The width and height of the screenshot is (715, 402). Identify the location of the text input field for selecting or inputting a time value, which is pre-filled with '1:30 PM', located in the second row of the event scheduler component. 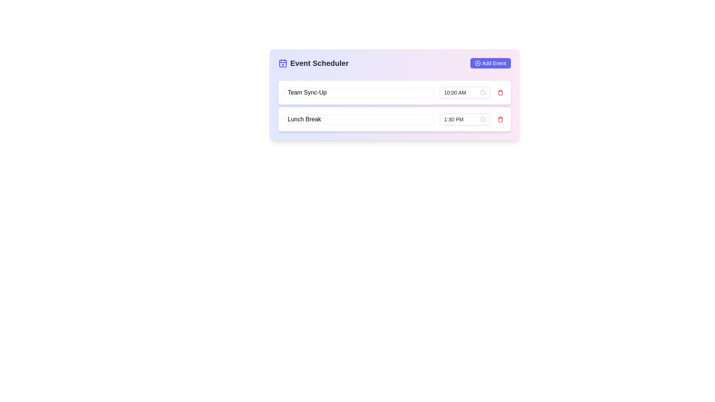
(461, 119).